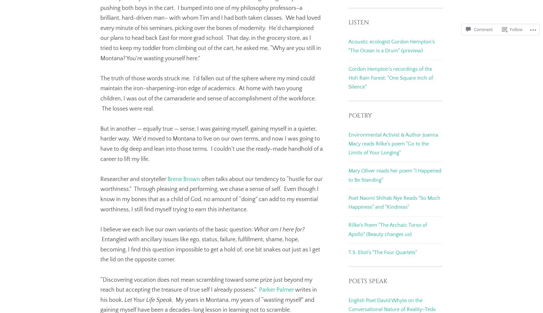 This screenshot has width=543, height=313. I want to click on 'Poets Speak', so click(368, 280).